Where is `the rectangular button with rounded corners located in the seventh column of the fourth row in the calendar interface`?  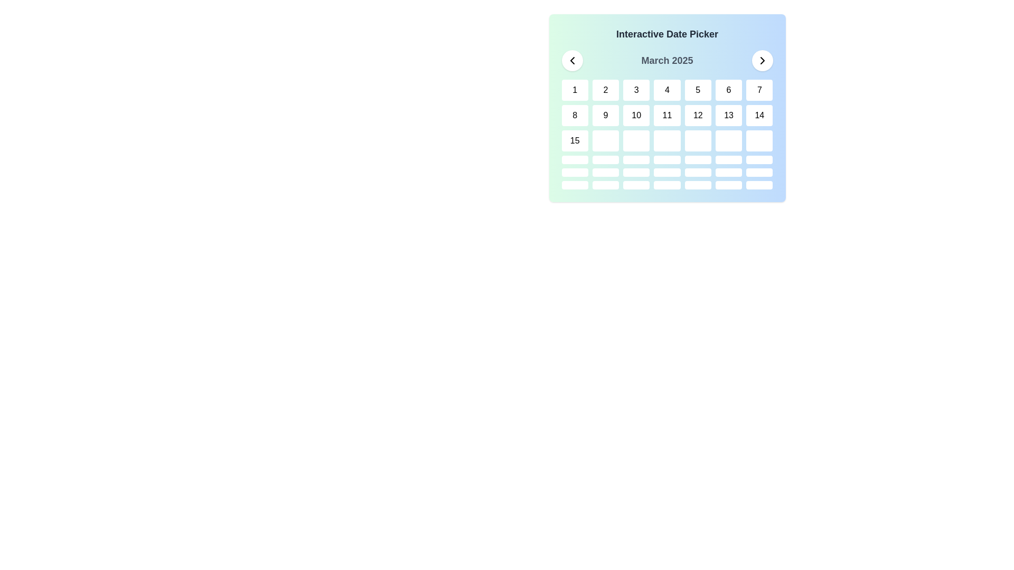 the rectangular button with rounded corners located in the seventh column of the fourth row in the calendar interface is located at coordinates (759, 160).